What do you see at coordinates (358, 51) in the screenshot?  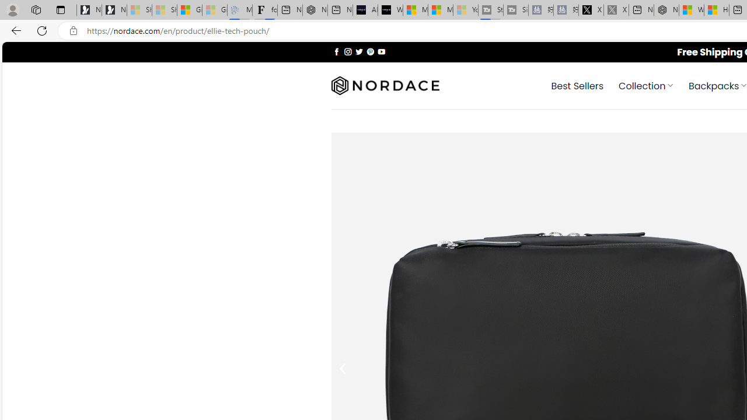 I see `'Follow on Twitter'` at bounding box center [358, 51].